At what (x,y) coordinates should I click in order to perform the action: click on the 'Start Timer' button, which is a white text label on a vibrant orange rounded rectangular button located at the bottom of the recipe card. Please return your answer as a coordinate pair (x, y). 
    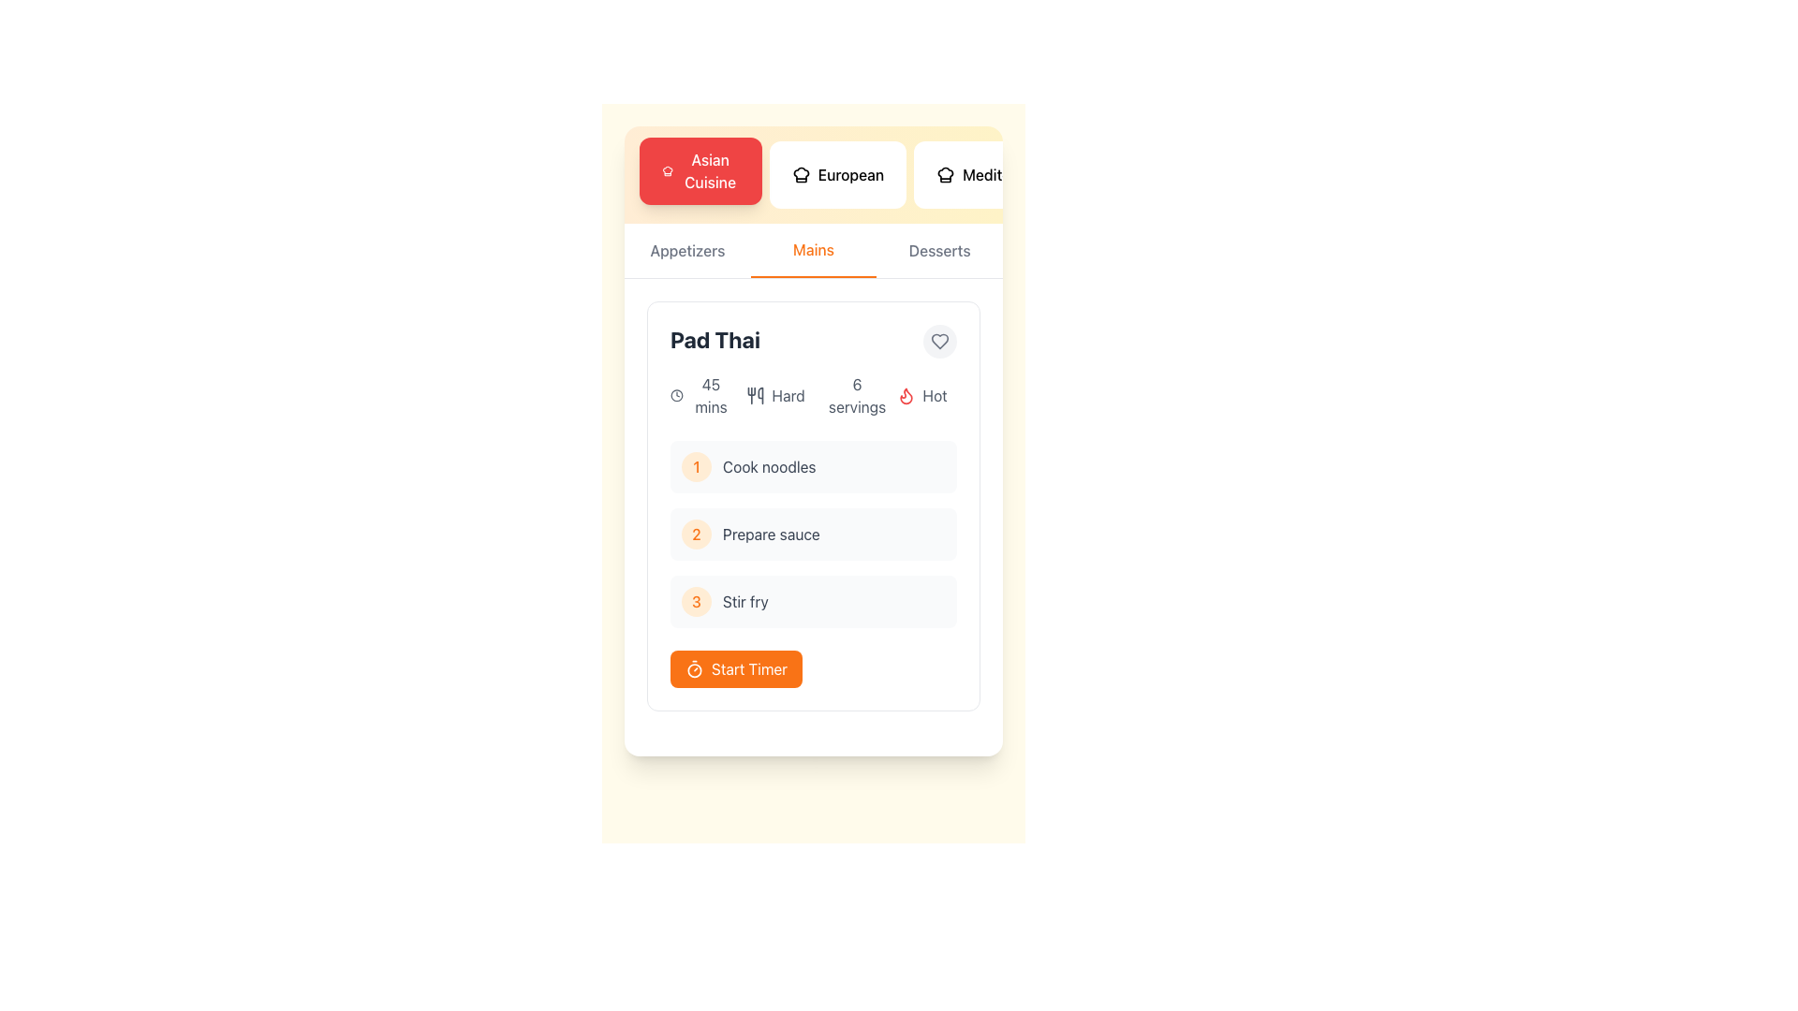
    Looking at the image, I should click on (749, 667).